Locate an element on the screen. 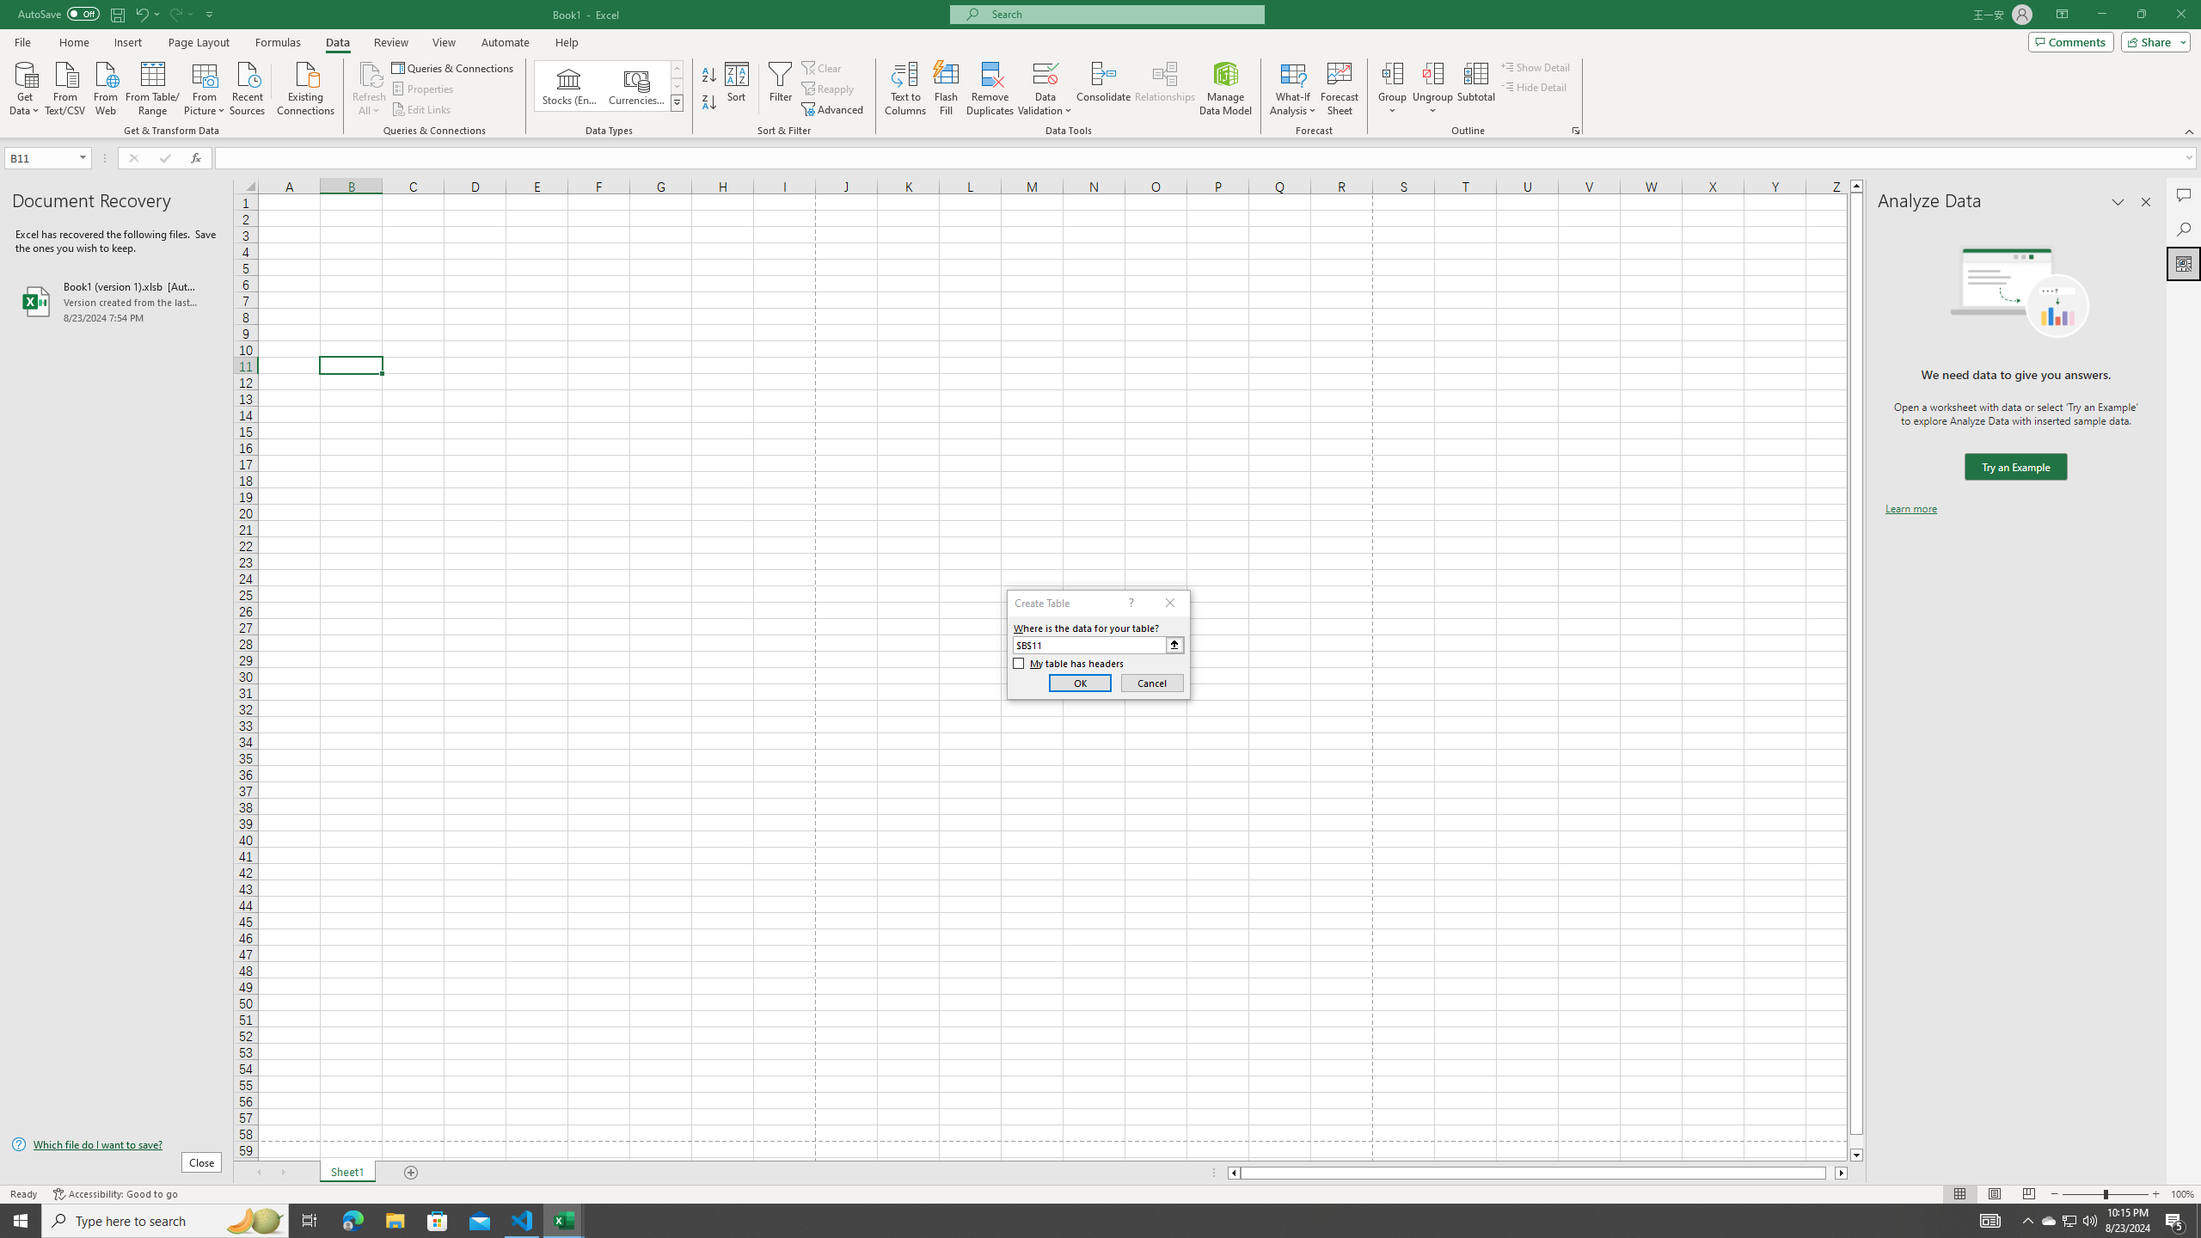 The image size is (2201, 1238). 'Column left' is located at coordinates (1233, 1172).